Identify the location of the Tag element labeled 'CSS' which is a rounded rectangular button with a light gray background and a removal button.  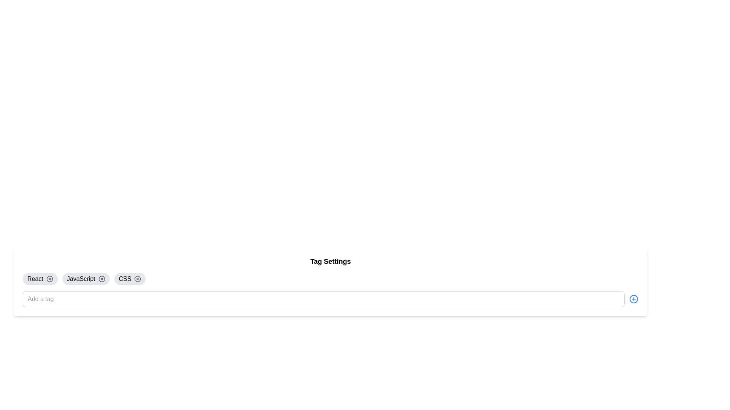
(130, 279).